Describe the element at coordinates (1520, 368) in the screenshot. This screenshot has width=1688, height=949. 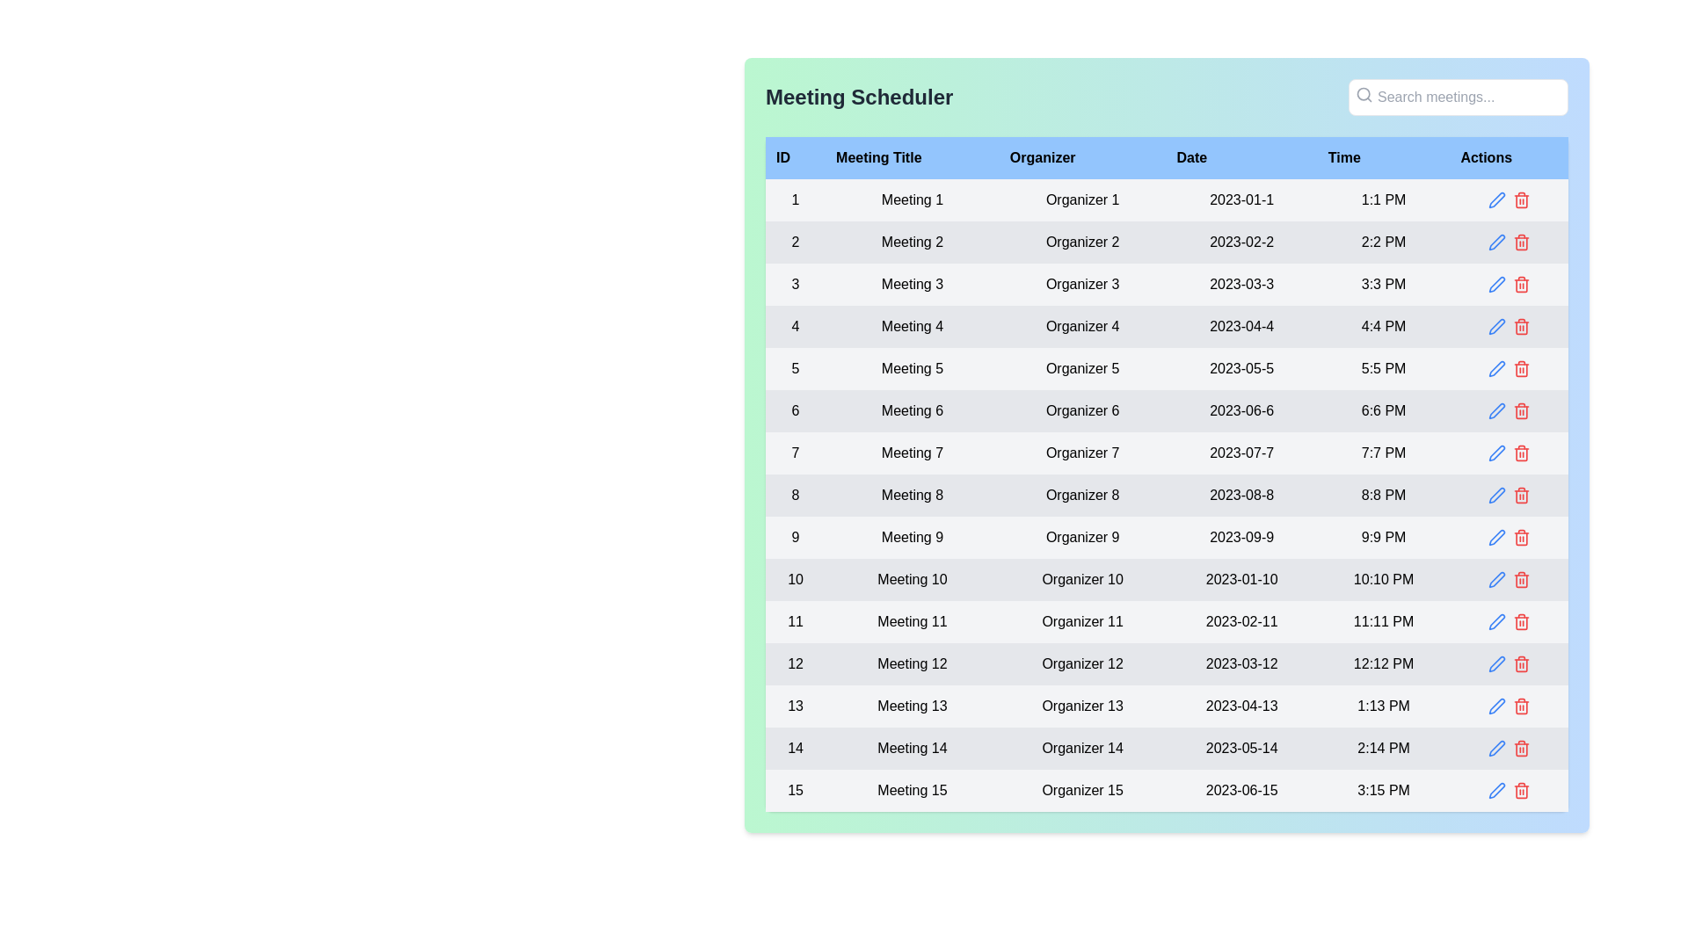
I see `the Delete button with an interactive icon in the Actions section of meeting 5` at that location.